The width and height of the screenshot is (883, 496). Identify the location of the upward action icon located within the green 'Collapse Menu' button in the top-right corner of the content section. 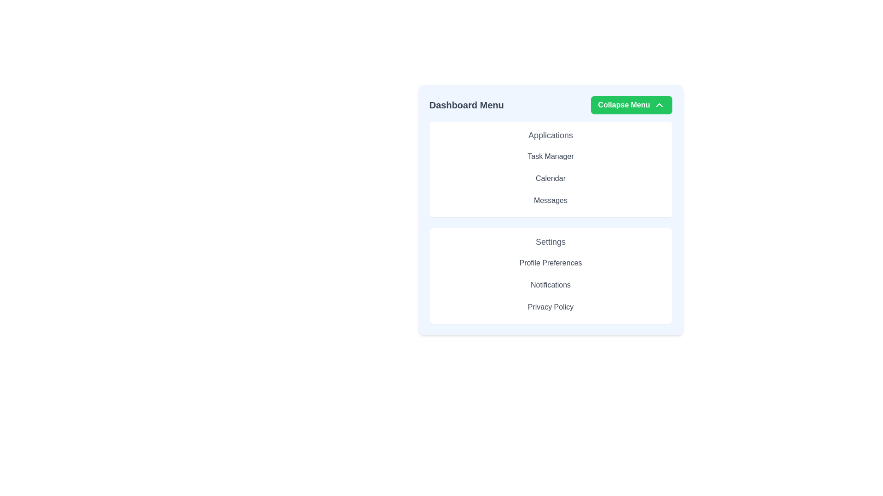
(659, 104).